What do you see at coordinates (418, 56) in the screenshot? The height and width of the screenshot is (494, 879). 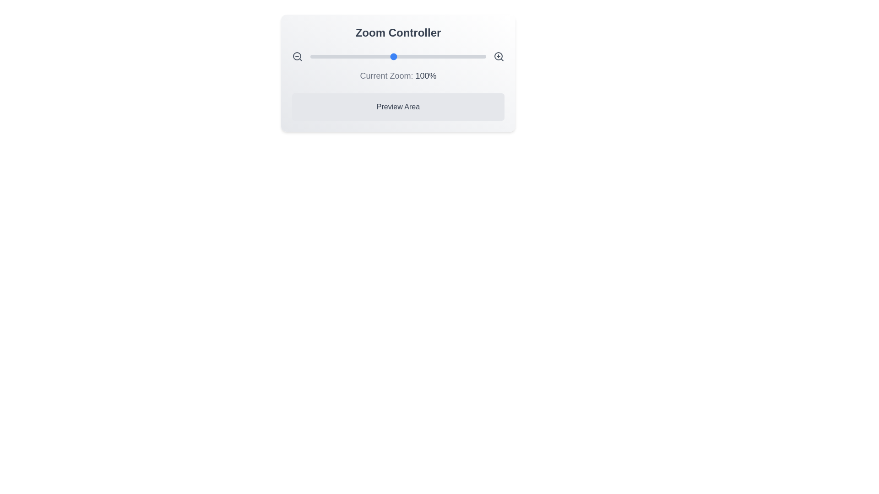 I see `the zoom slider to set the zoom level to 127` at bounding box center [418, 56].